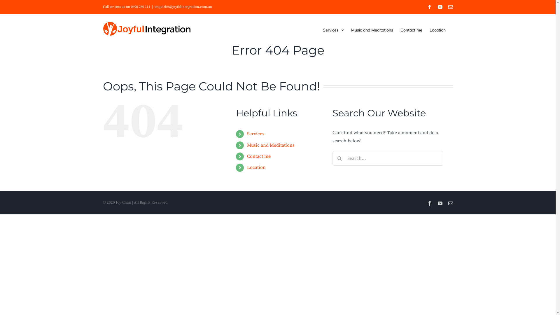 This screenshot has width=560, height=315. I want to click on 'YouTube', so click(440, 7).